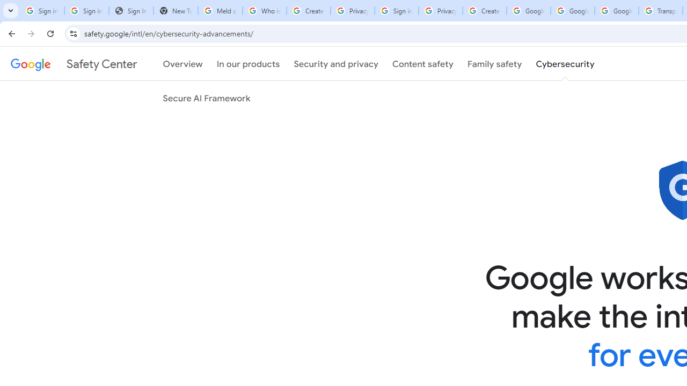  What do you see at coordinates (176, 11) in the screenshot?
I see `'New Tab'` at bounding box center [176, 11].